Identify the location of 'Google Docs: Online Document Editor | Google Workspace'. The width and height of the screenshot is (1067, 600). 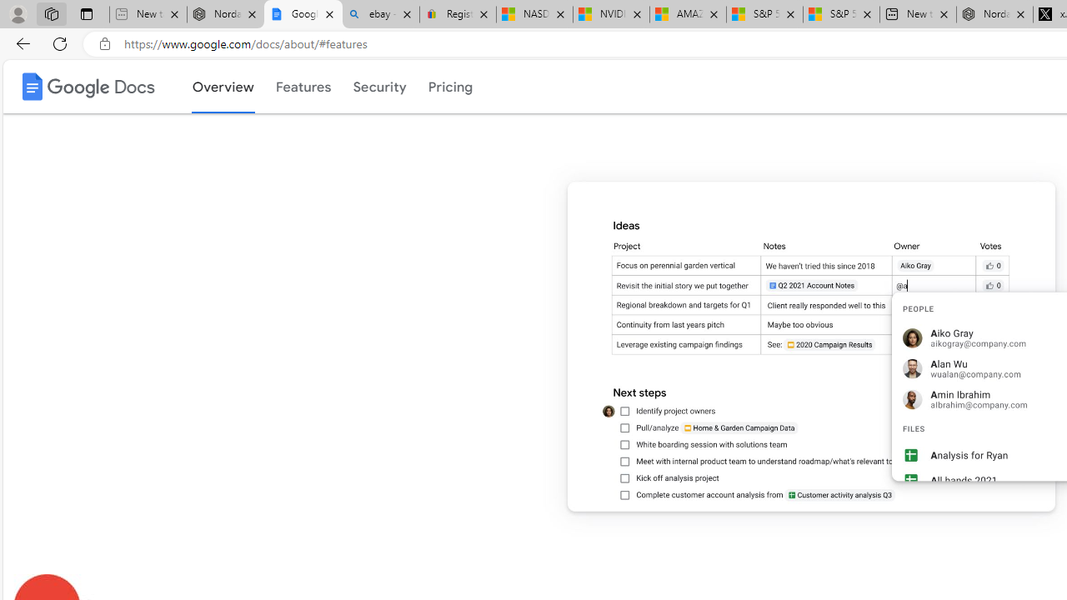
(303, 14).